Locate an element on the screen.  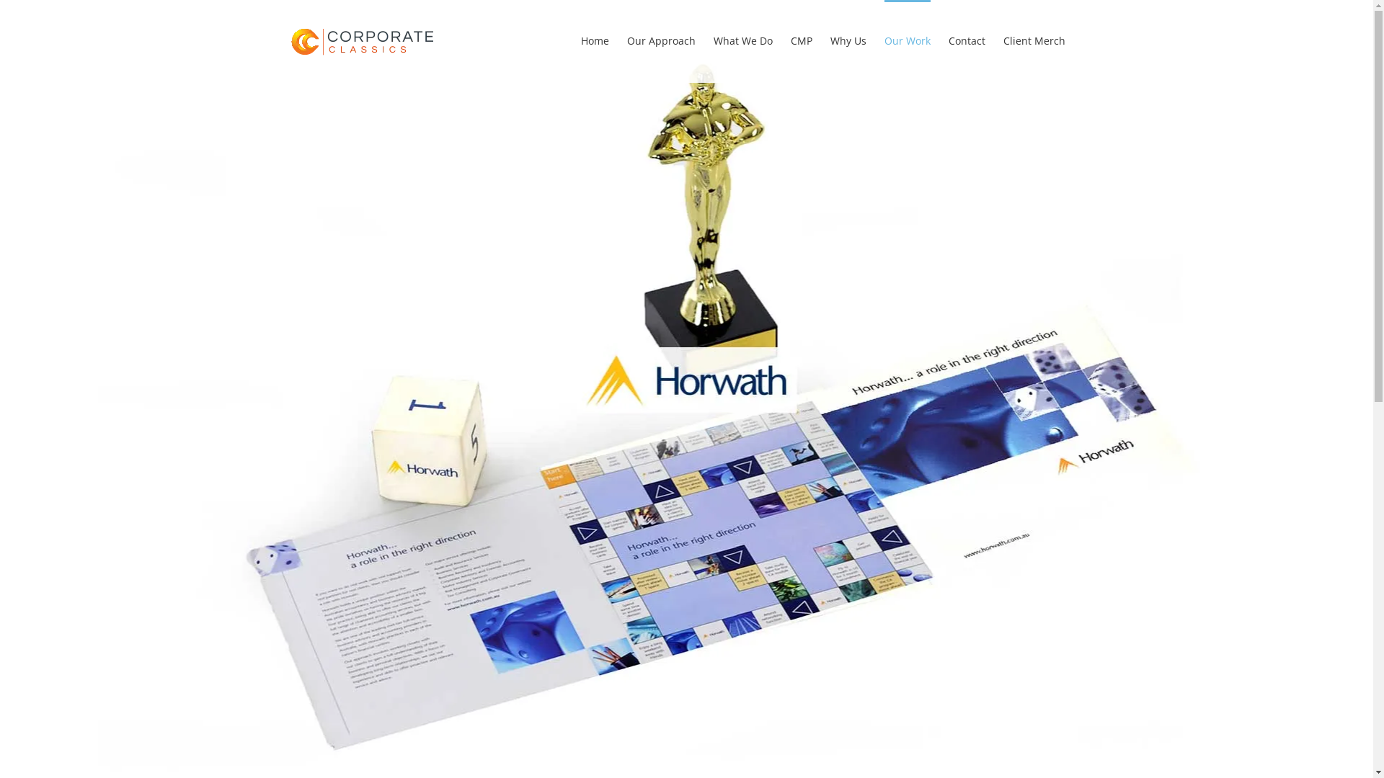
'Why Us' is located at coordinates (830, 38).